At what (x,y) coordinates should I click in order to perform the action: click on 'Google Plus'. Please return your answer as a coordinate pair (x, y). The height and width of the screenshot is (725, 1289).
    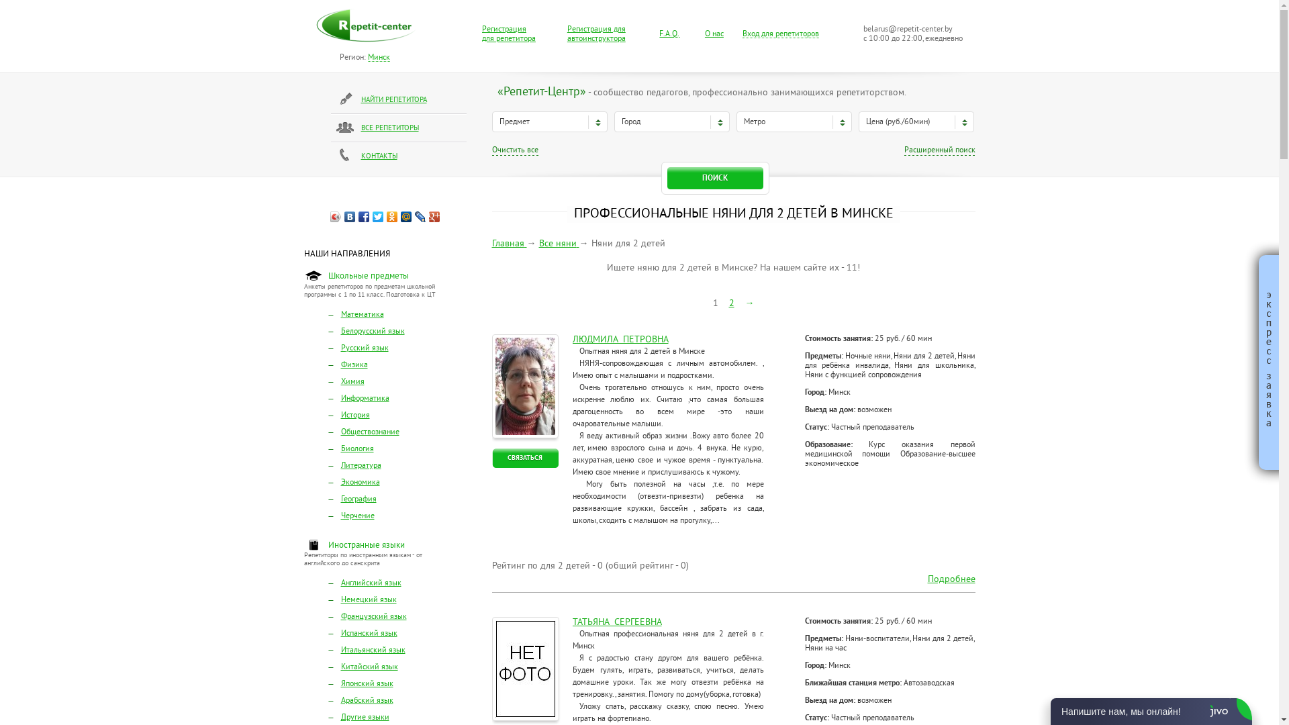
    Looking at the image, I should click on (434, 216).